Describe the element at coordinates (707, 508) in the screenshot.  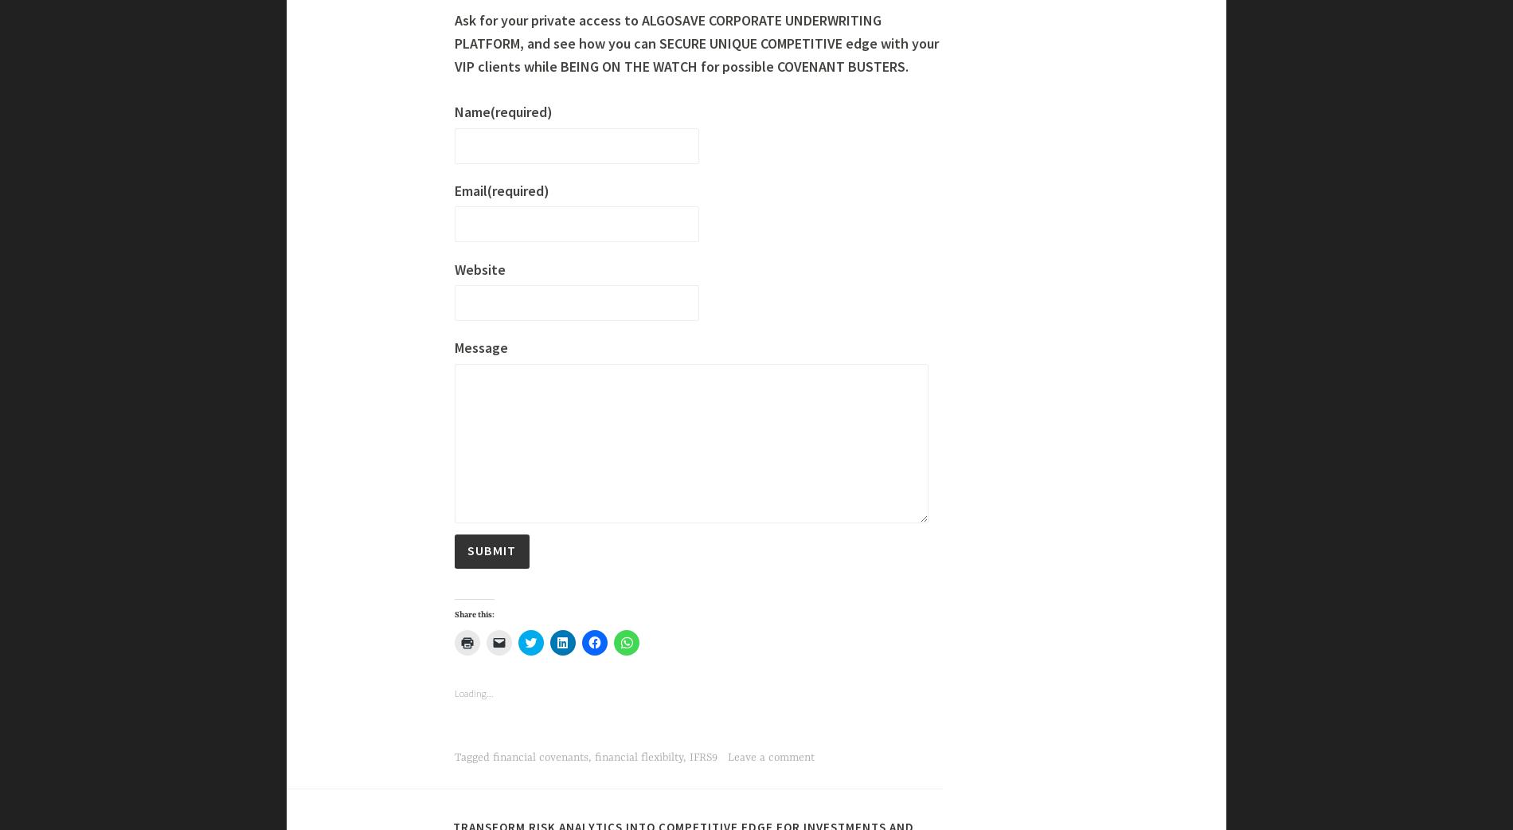
I see `'Below the quiet and reassuring surface of  traditional “one-size-fit-all” covenants, hides a boiling reality : degrees of operating and financial leverage, free cash flow volatility, sensitivity to macro economic scenario – and many other parameters – explain this diversity.'` at that location.